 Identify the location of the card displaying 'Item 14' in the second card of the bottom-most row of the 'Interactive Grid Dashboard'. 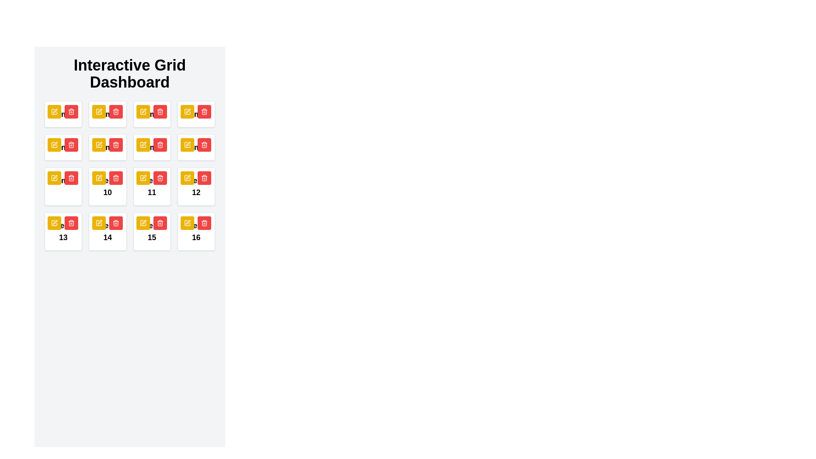
(107, 231).